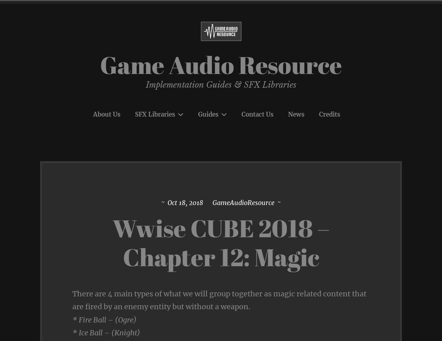  I want to click on 'Guides', so click(208, 114).